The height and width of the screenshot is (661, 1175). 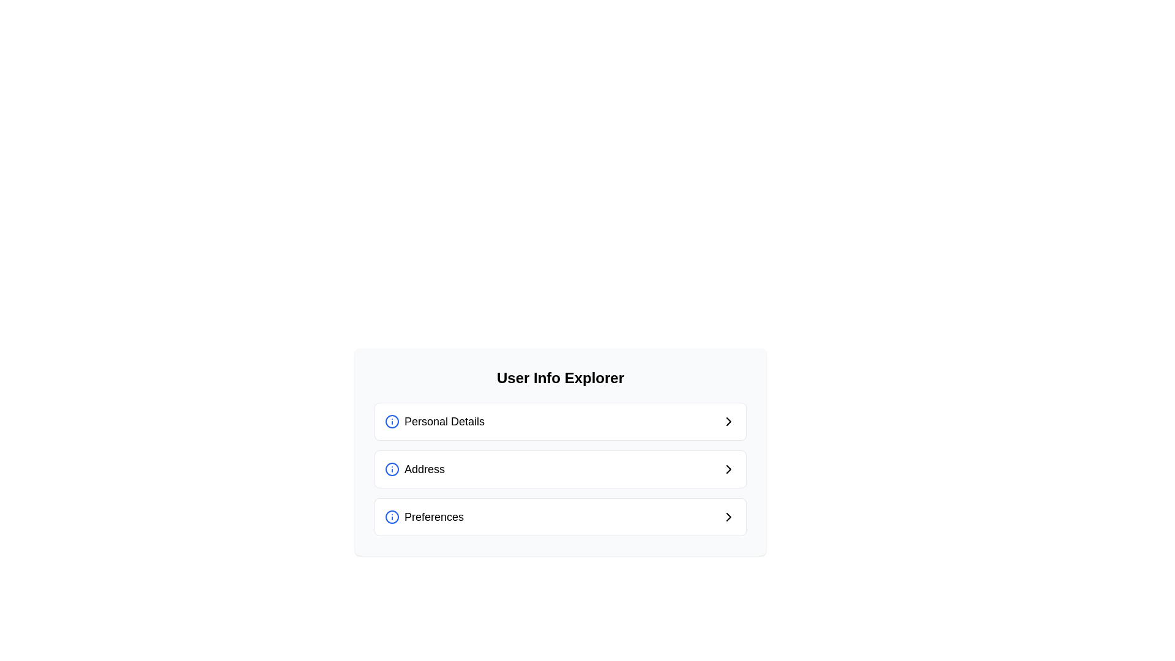 What do you see at coordinates (392, 469) in the screenshot?
I see `the icon positioned to the left of the 'Address' text in the second row of the vertically stacked menu` at bounding box center [392, 469].